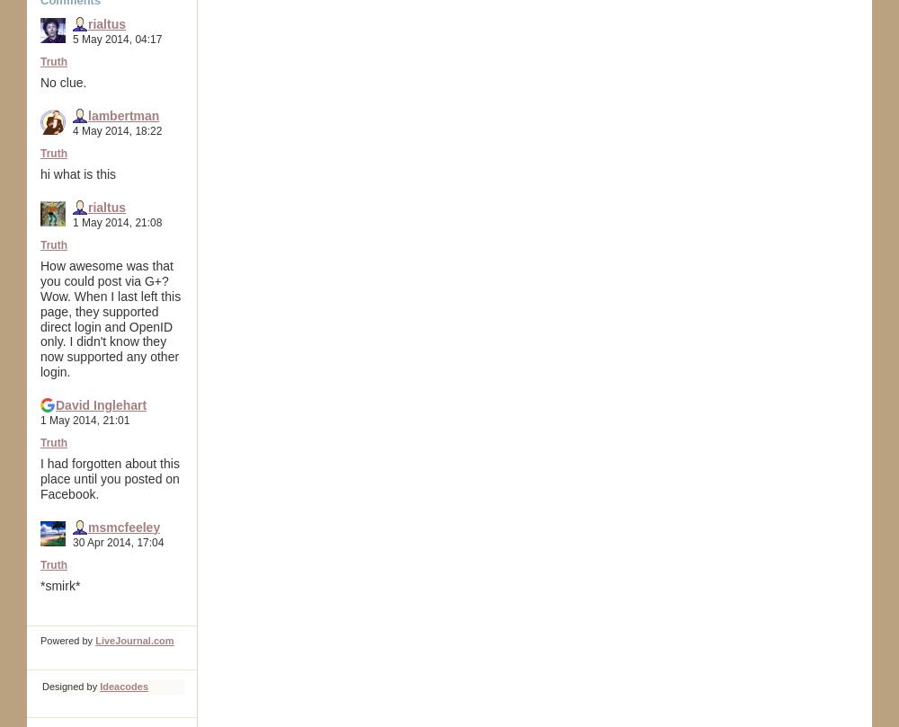 This screenshot has height=727, width=899. What do you see at coordinates (117, 39) in the screenshot?
I see `'5 May 2014, 04:17'` at bounding box center [117, 39].